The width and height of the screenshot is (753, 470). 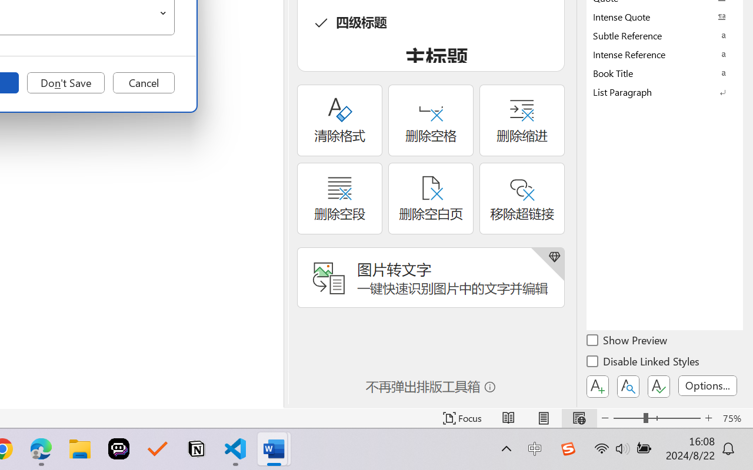 I want to click on 'Zoom Out', so click(x=628, y=418).